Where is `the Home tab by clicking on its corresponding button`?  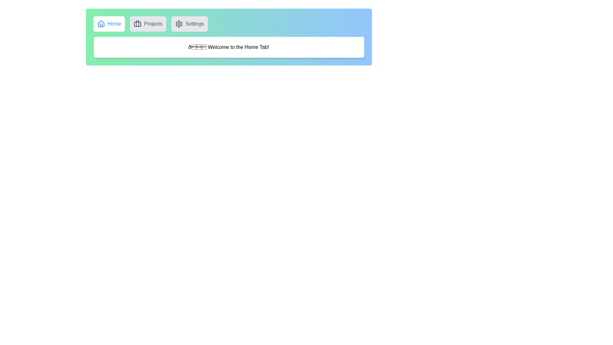 the Home tab by clicking on its corresponding button is located at coordinates (109, 23).